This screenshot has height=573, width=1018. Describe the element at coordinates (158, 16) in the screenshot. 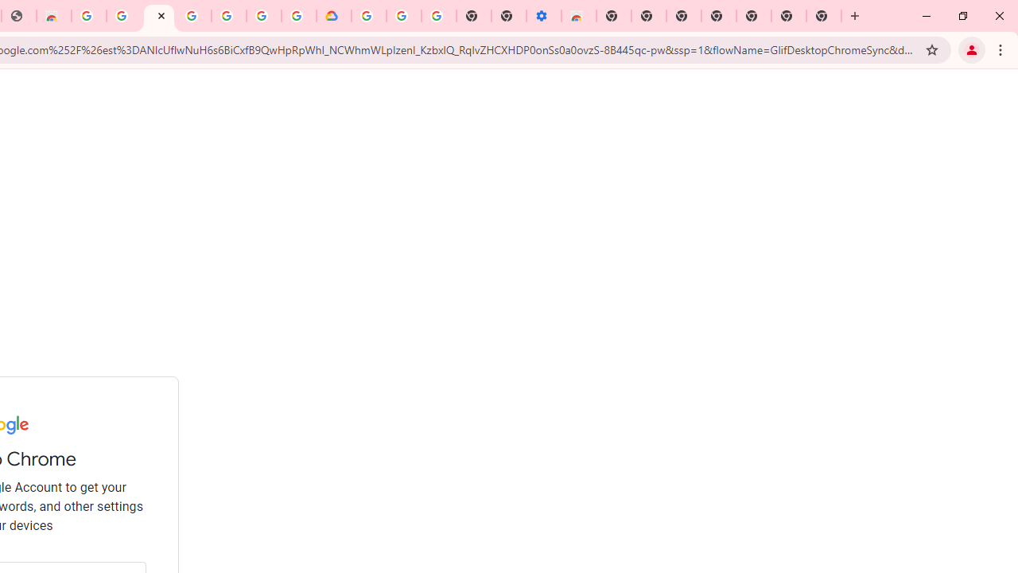

I see `'Sign in - Google Accounts'` at that location.